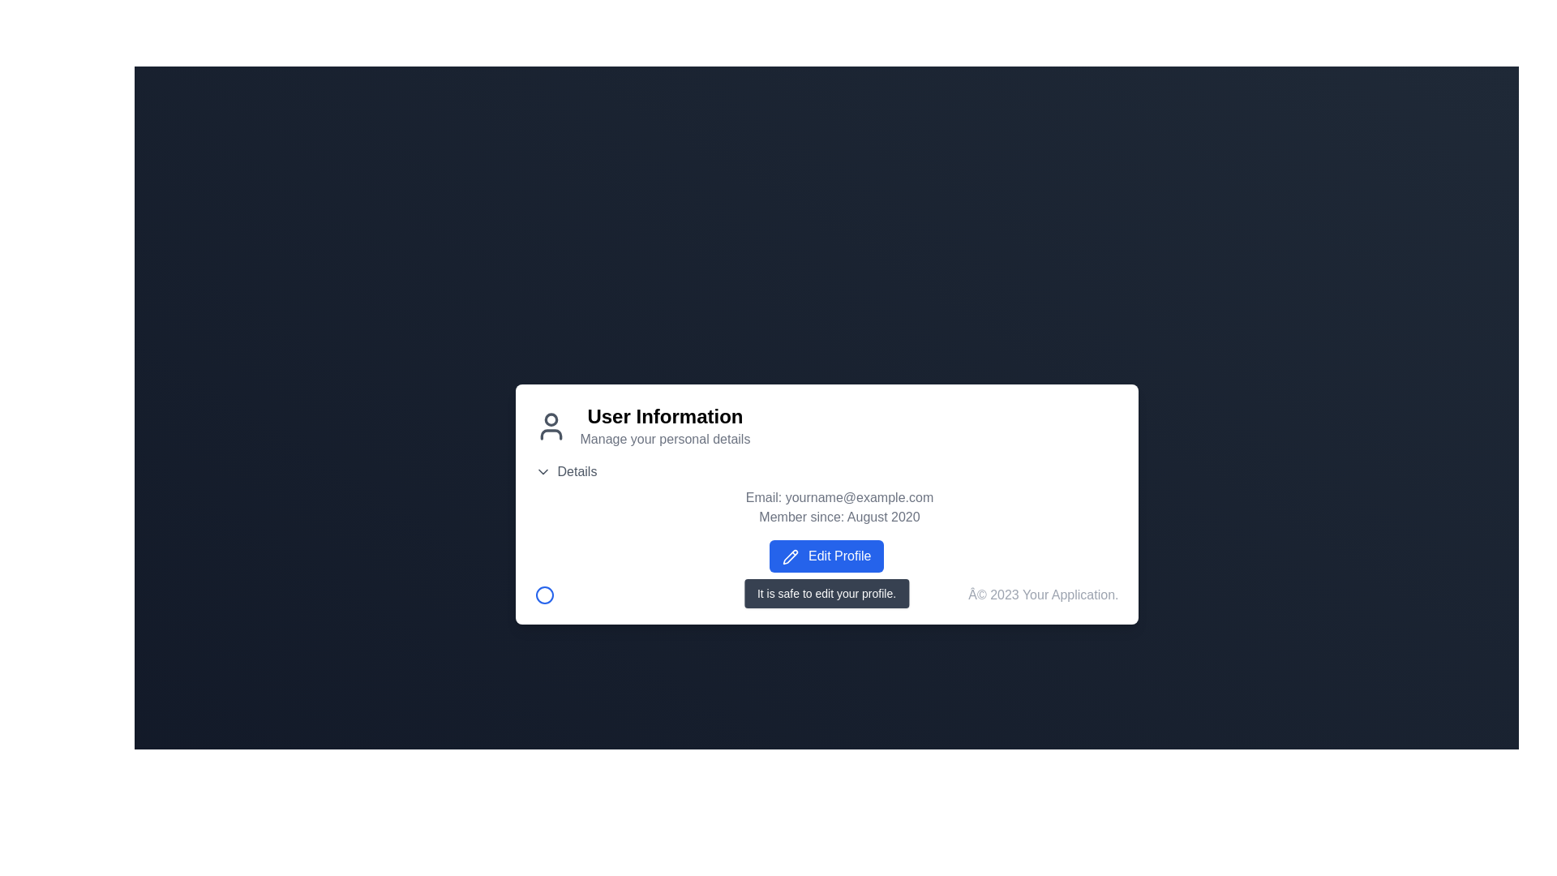 Image resolution: width=1557 pixels, height=876 pixels. What do you see at coordinates (826, 493) in the screenshot?
I see `the static text display containing the email address and membership date, located under the 'Details' header in the 'User Information' interface` at bounding box center [826, 493].